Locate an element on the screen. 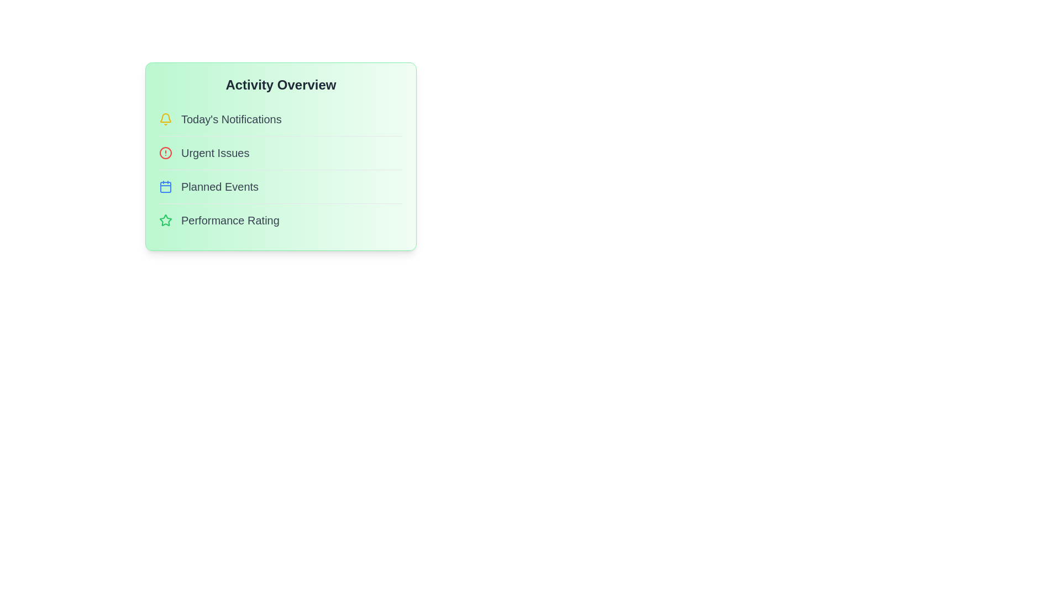  the static text label reading 'Urgent Issues', which is styled in a large, bold font and located within the light green panel titled 'Activity Overview' is located at coordinates (215, 153).